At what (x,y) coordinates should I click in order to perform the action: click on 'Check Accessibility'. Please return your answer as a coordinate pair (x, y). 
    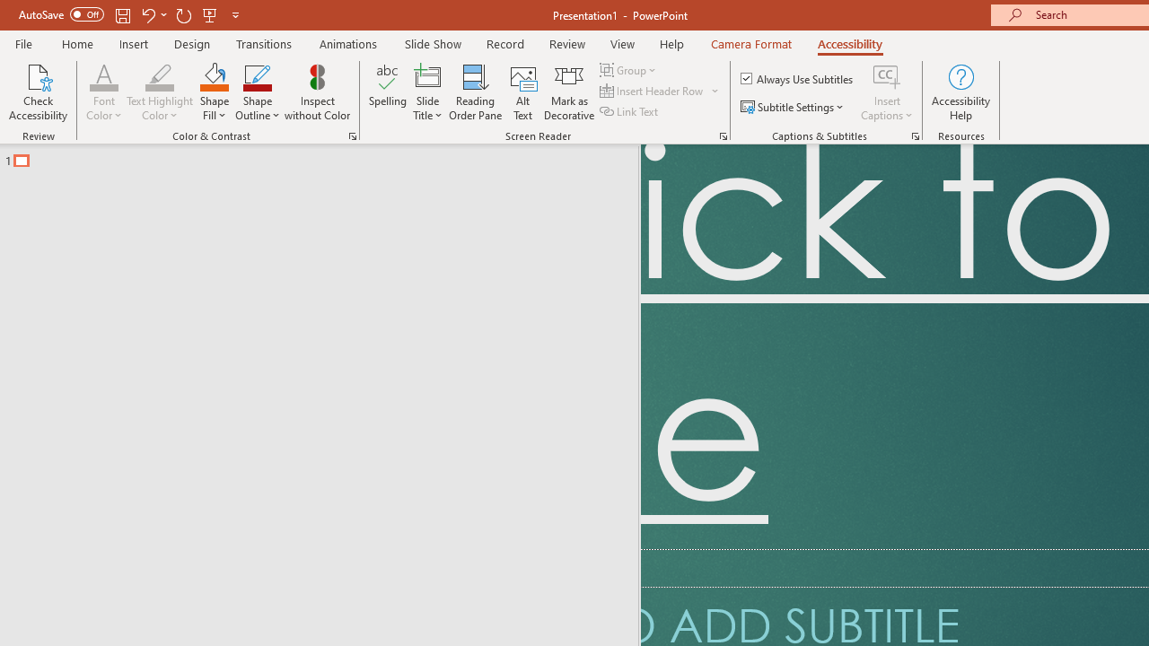
    Looking at the image, I should click on (38, 92).